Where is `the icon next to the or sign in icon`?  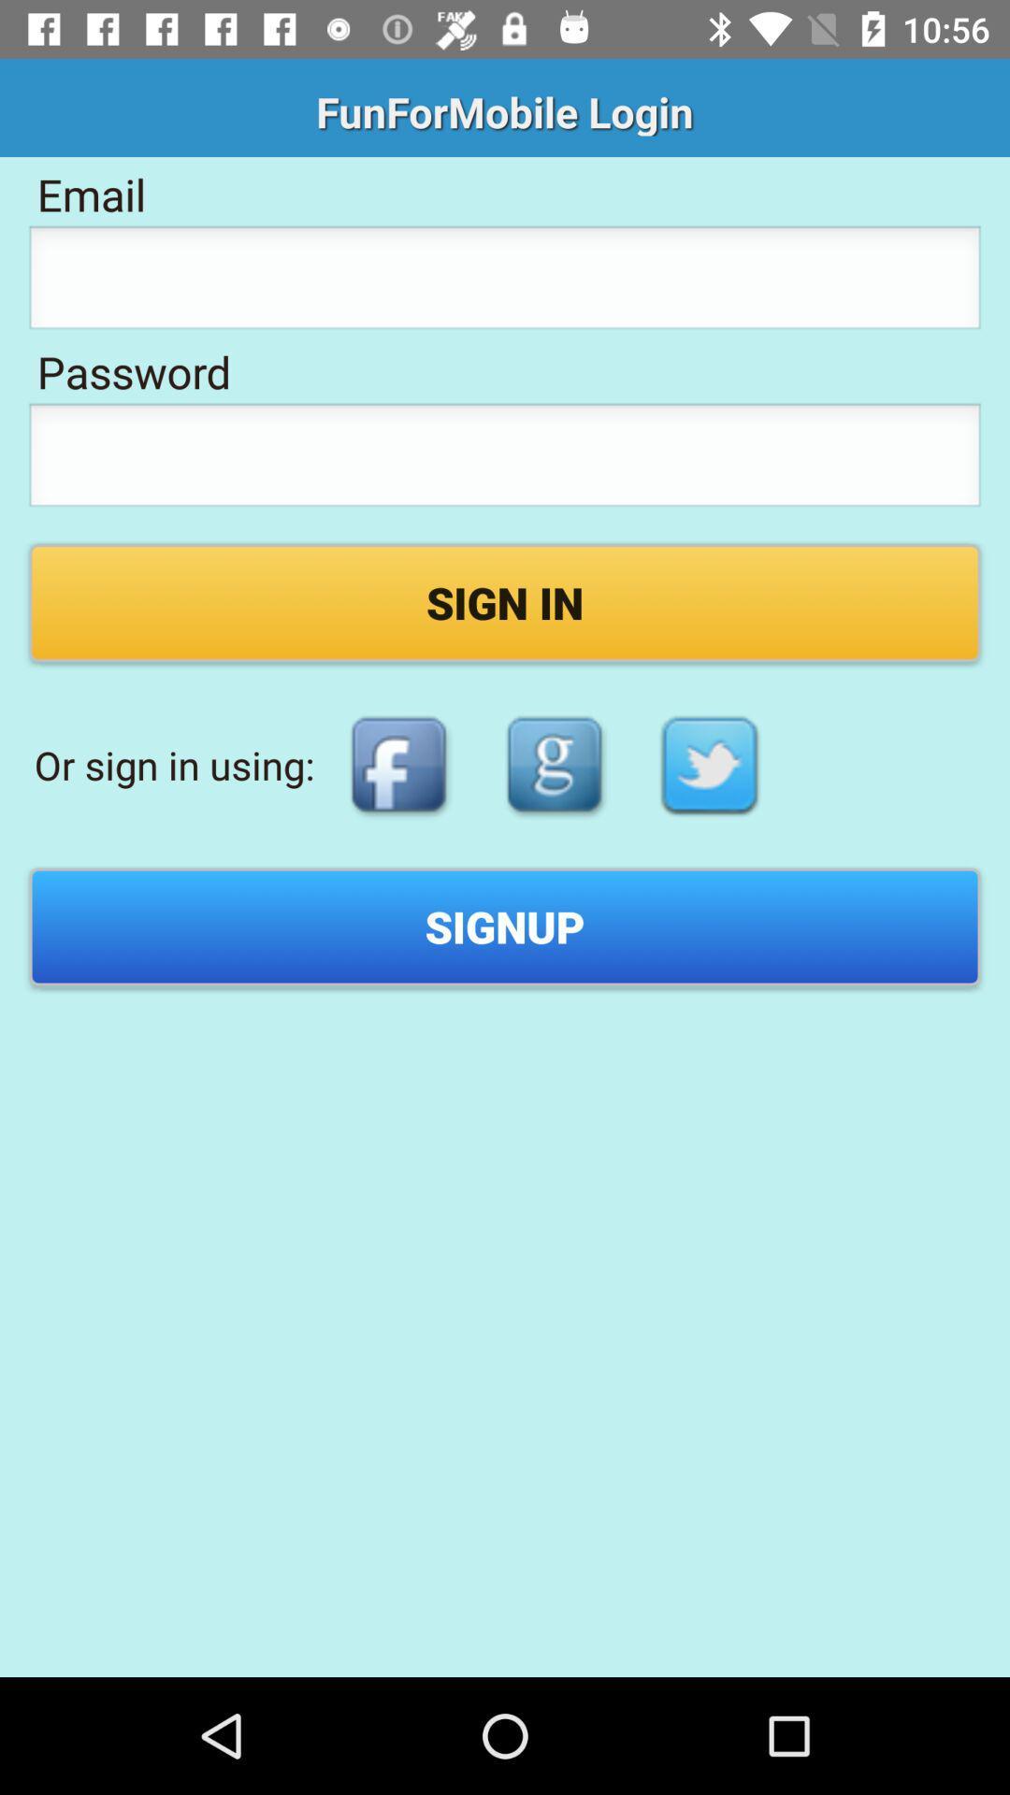
the icon next to the or sign in icon is located at coordinates (397, 765).